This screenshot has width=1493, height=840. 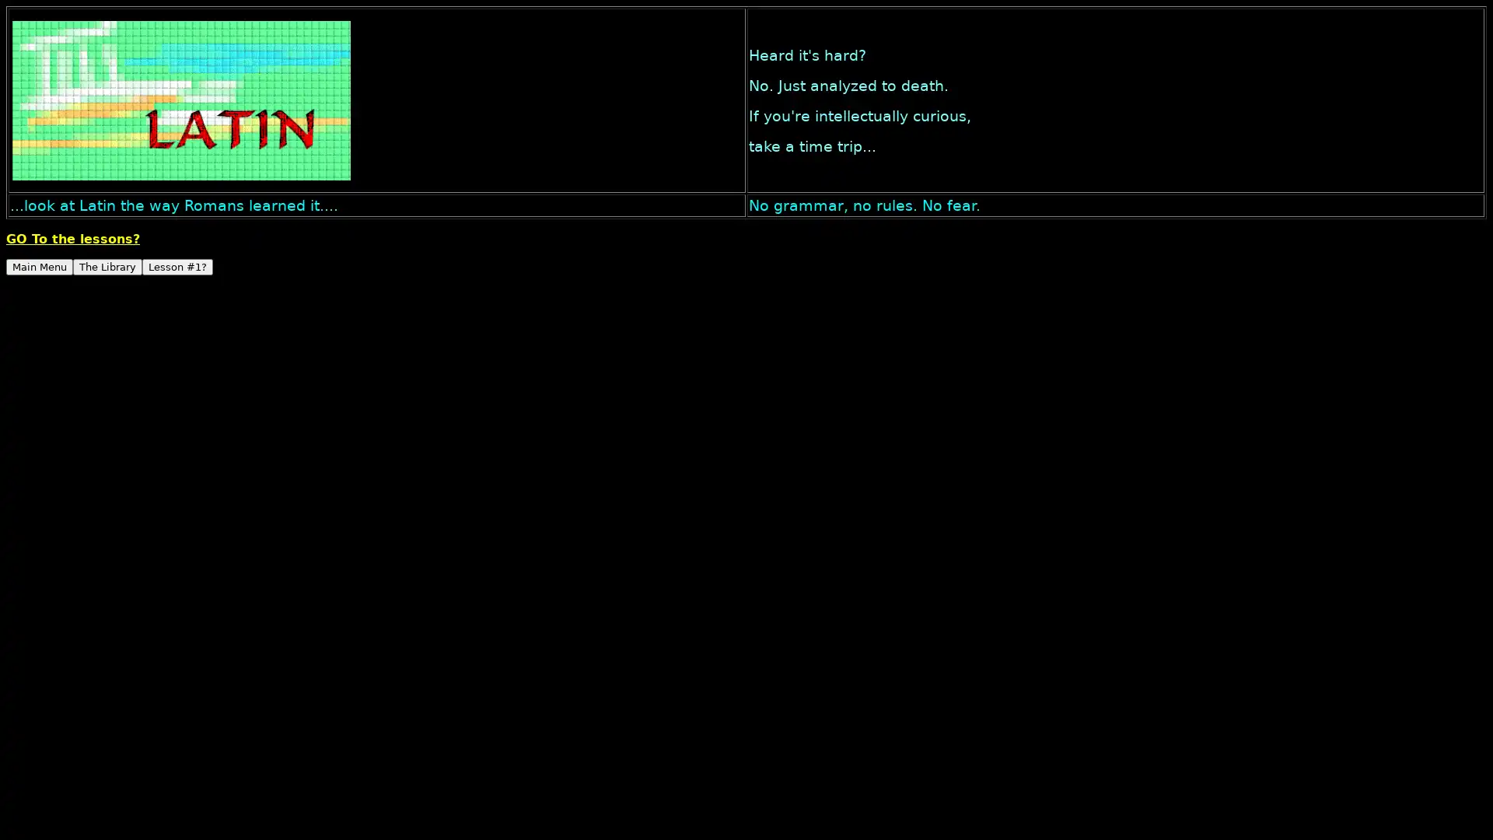 What do you see at coordinates (40, 266) in the screenshot?
I see `Main Menu` at bounding box center [40, 266].